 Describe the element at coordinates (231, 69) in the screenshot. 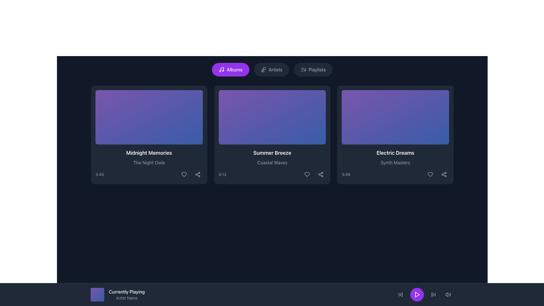

I see `the rounded rectangular button with a purple background and a white musical note icon labeled 'Albums'` at that location.